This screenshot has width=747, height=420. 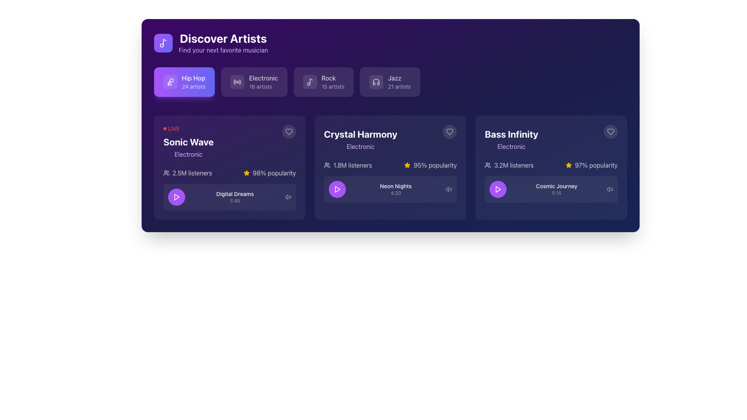 I want to click on the popularity percentage text label of the music entity 'Sonic Wave' located, so click(x=274, y=172).